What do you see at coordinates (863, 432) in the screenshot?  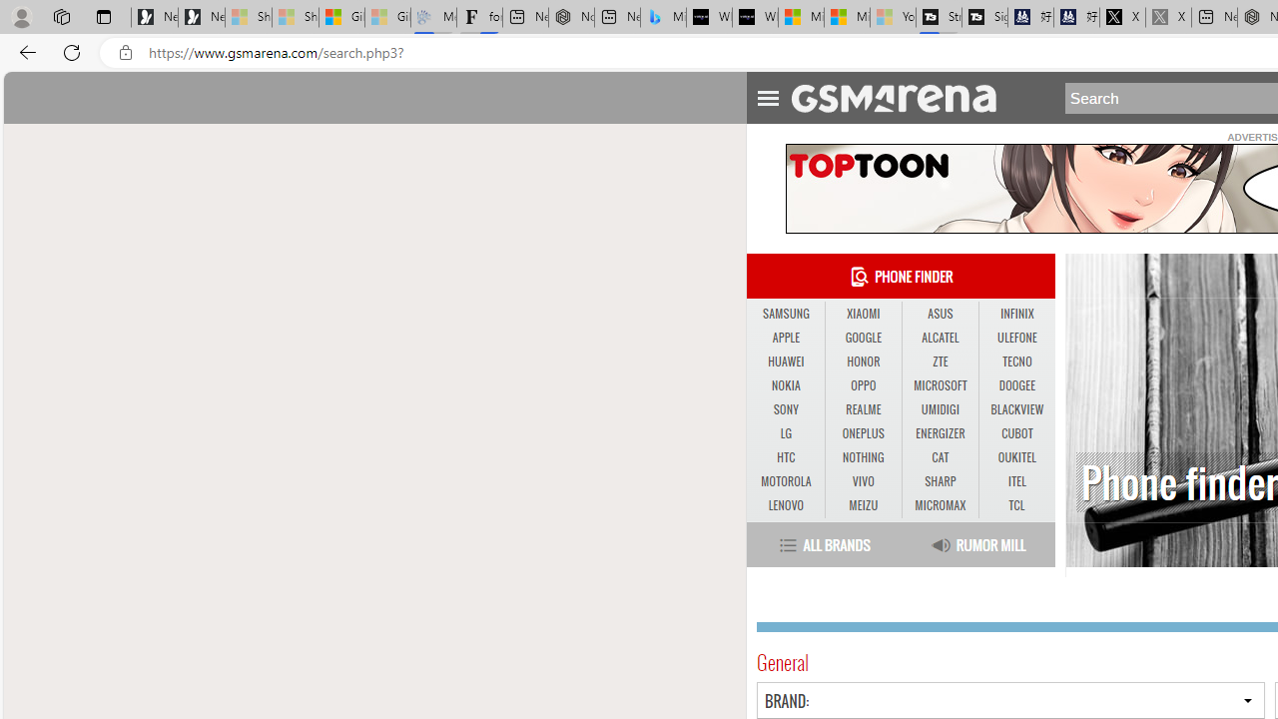 I see `'ONEPLUS'` at bounding box center [863, 432].